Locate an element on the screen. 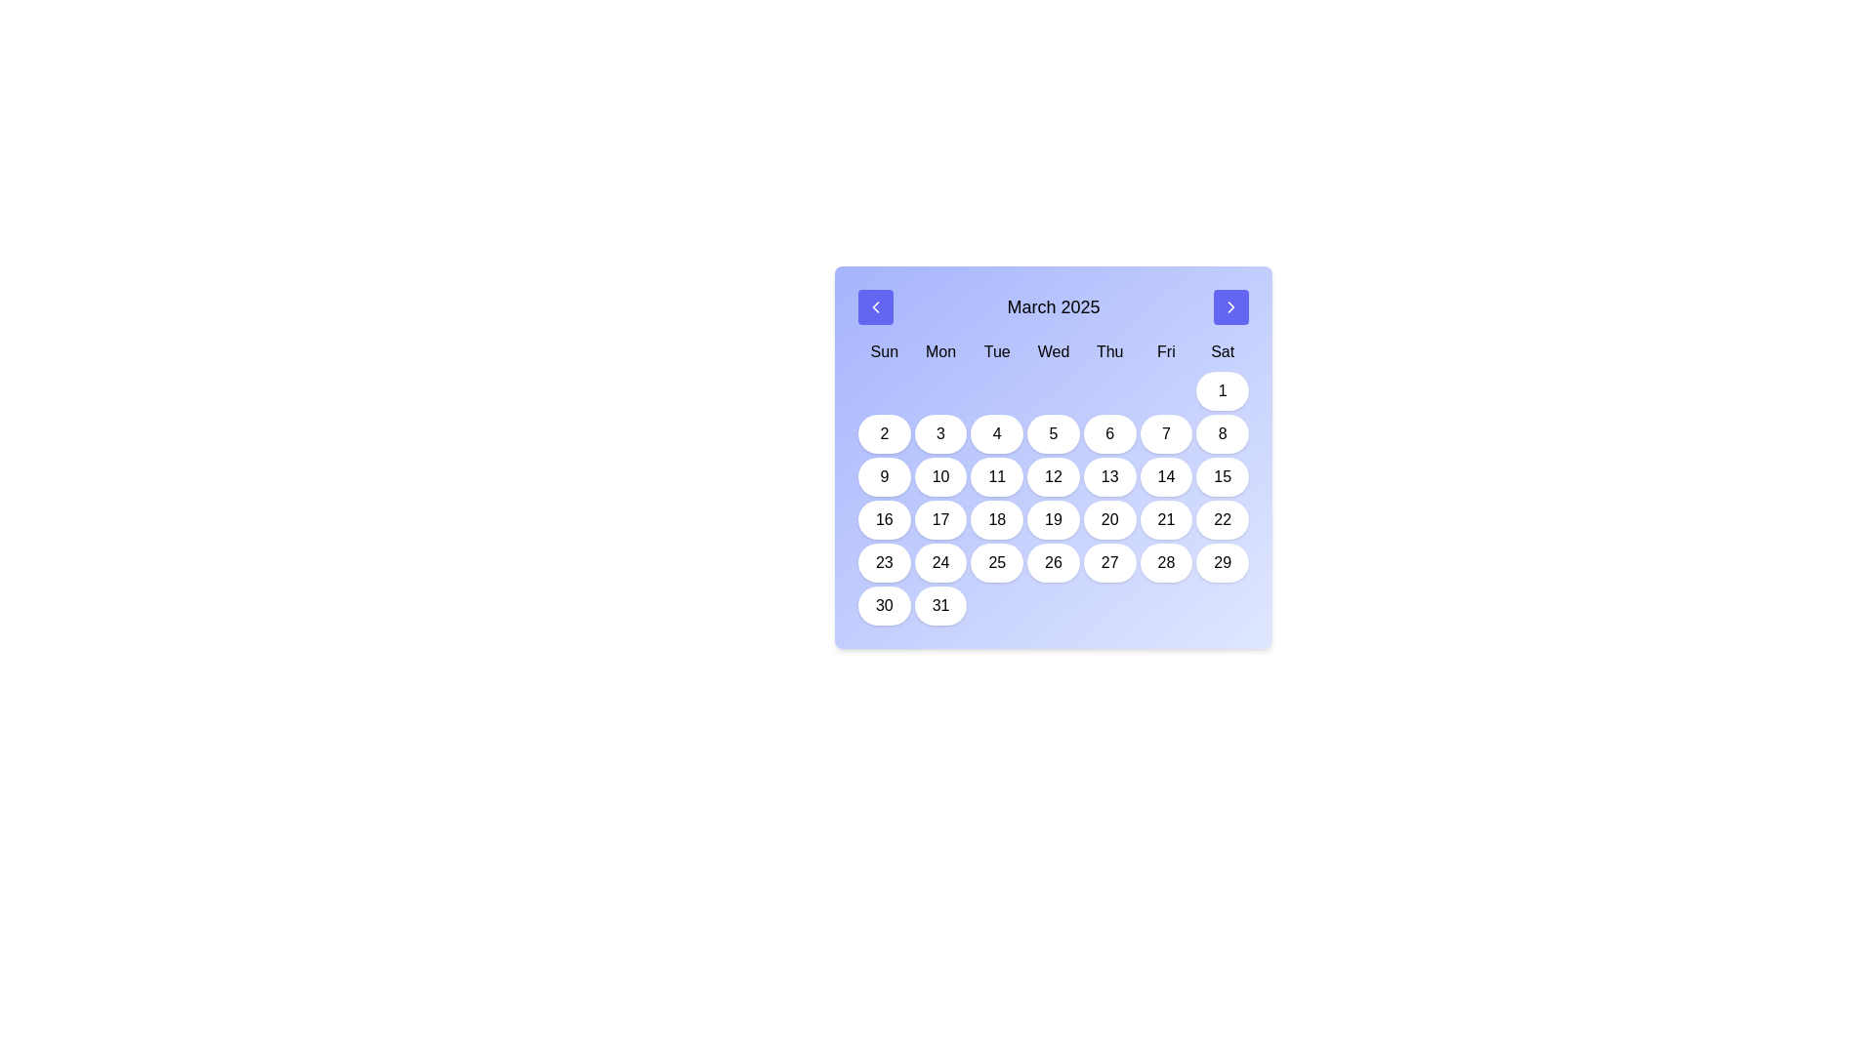  the button representing the day '20' in the March 2025 calendar is located at coordinates (1109, 518).